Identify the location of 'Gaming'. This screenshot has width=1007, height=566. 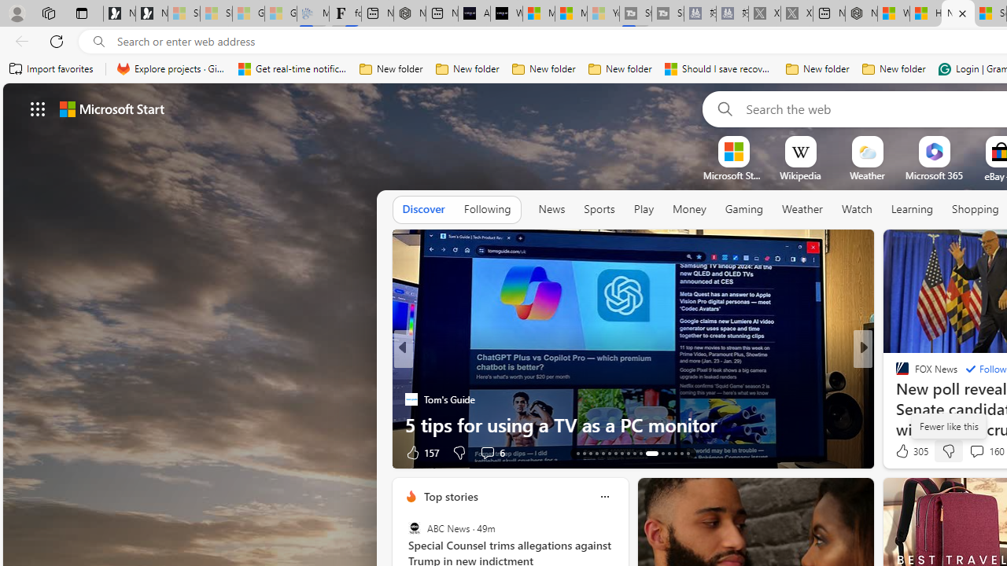
(743, 208).